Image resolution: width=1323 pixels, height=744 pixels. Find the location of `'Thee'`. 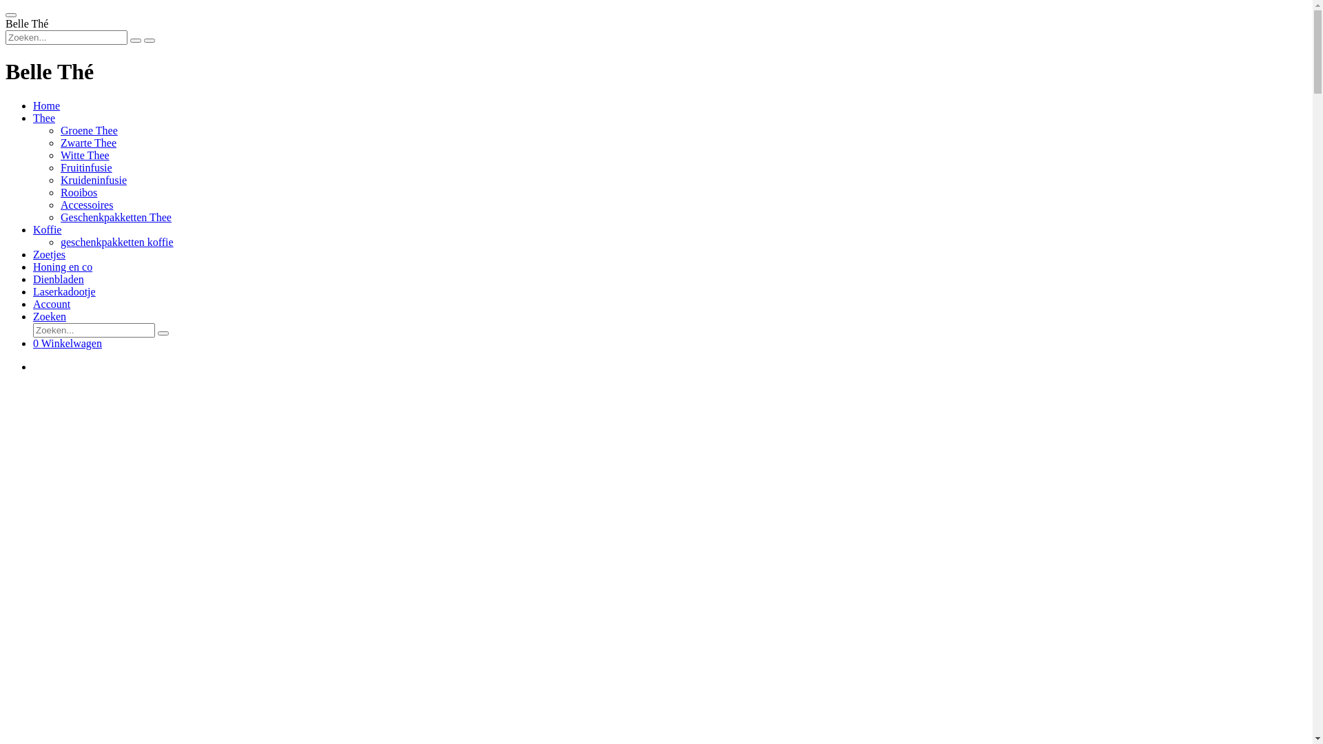

'Thee' is located at coordinates (43, 117).